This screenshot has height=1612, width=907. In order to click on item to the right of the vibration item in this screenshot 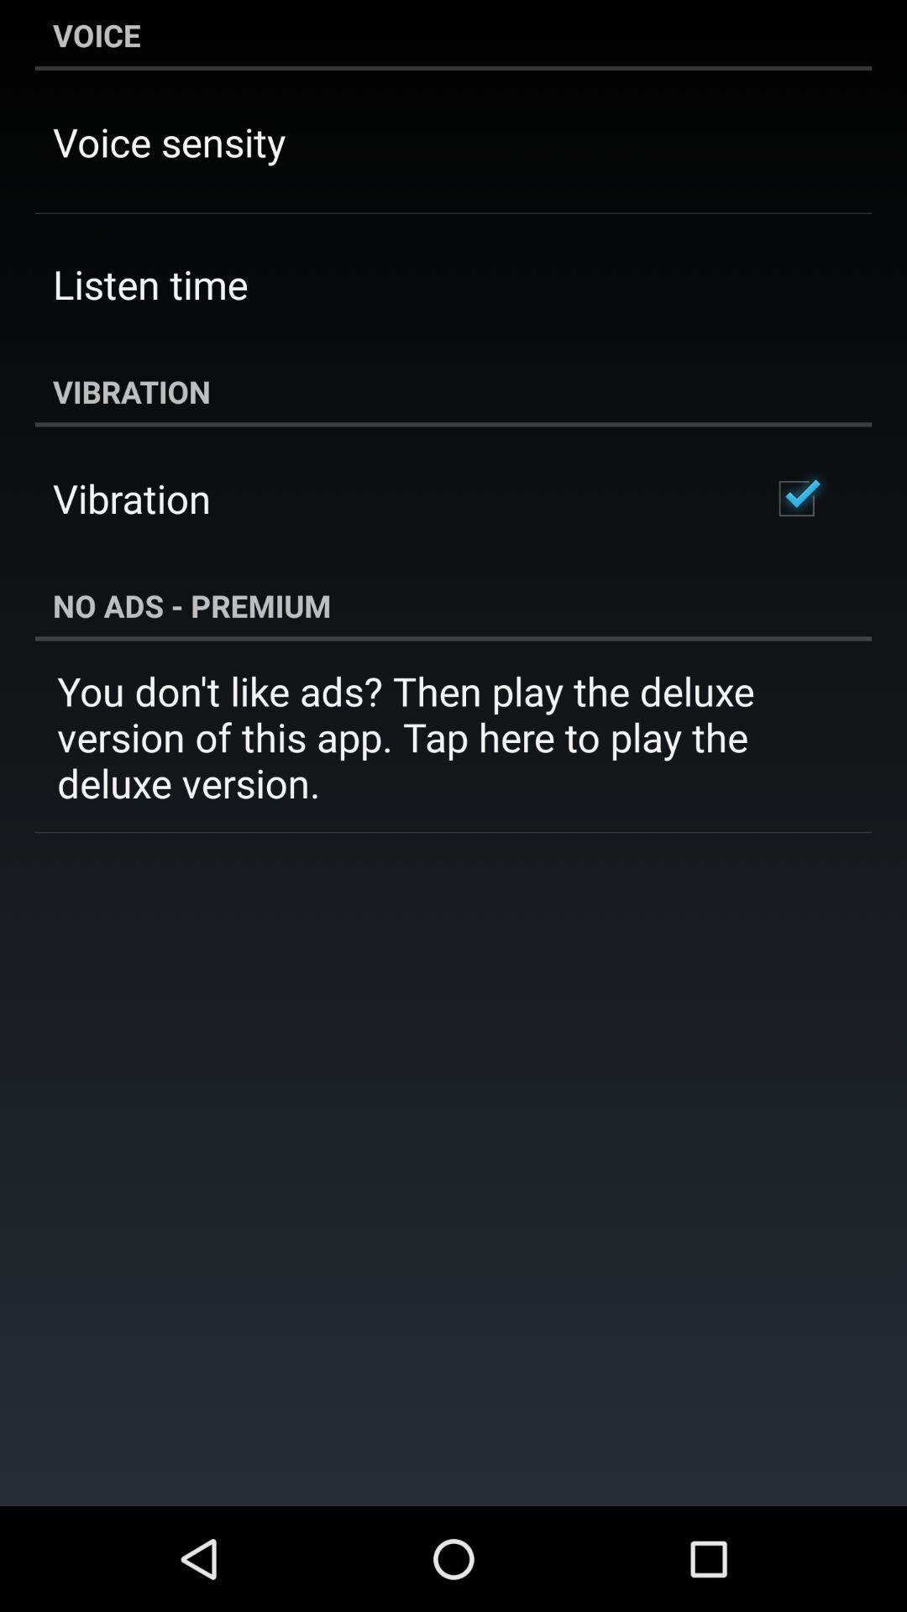, I will do `click(795, 498)`.